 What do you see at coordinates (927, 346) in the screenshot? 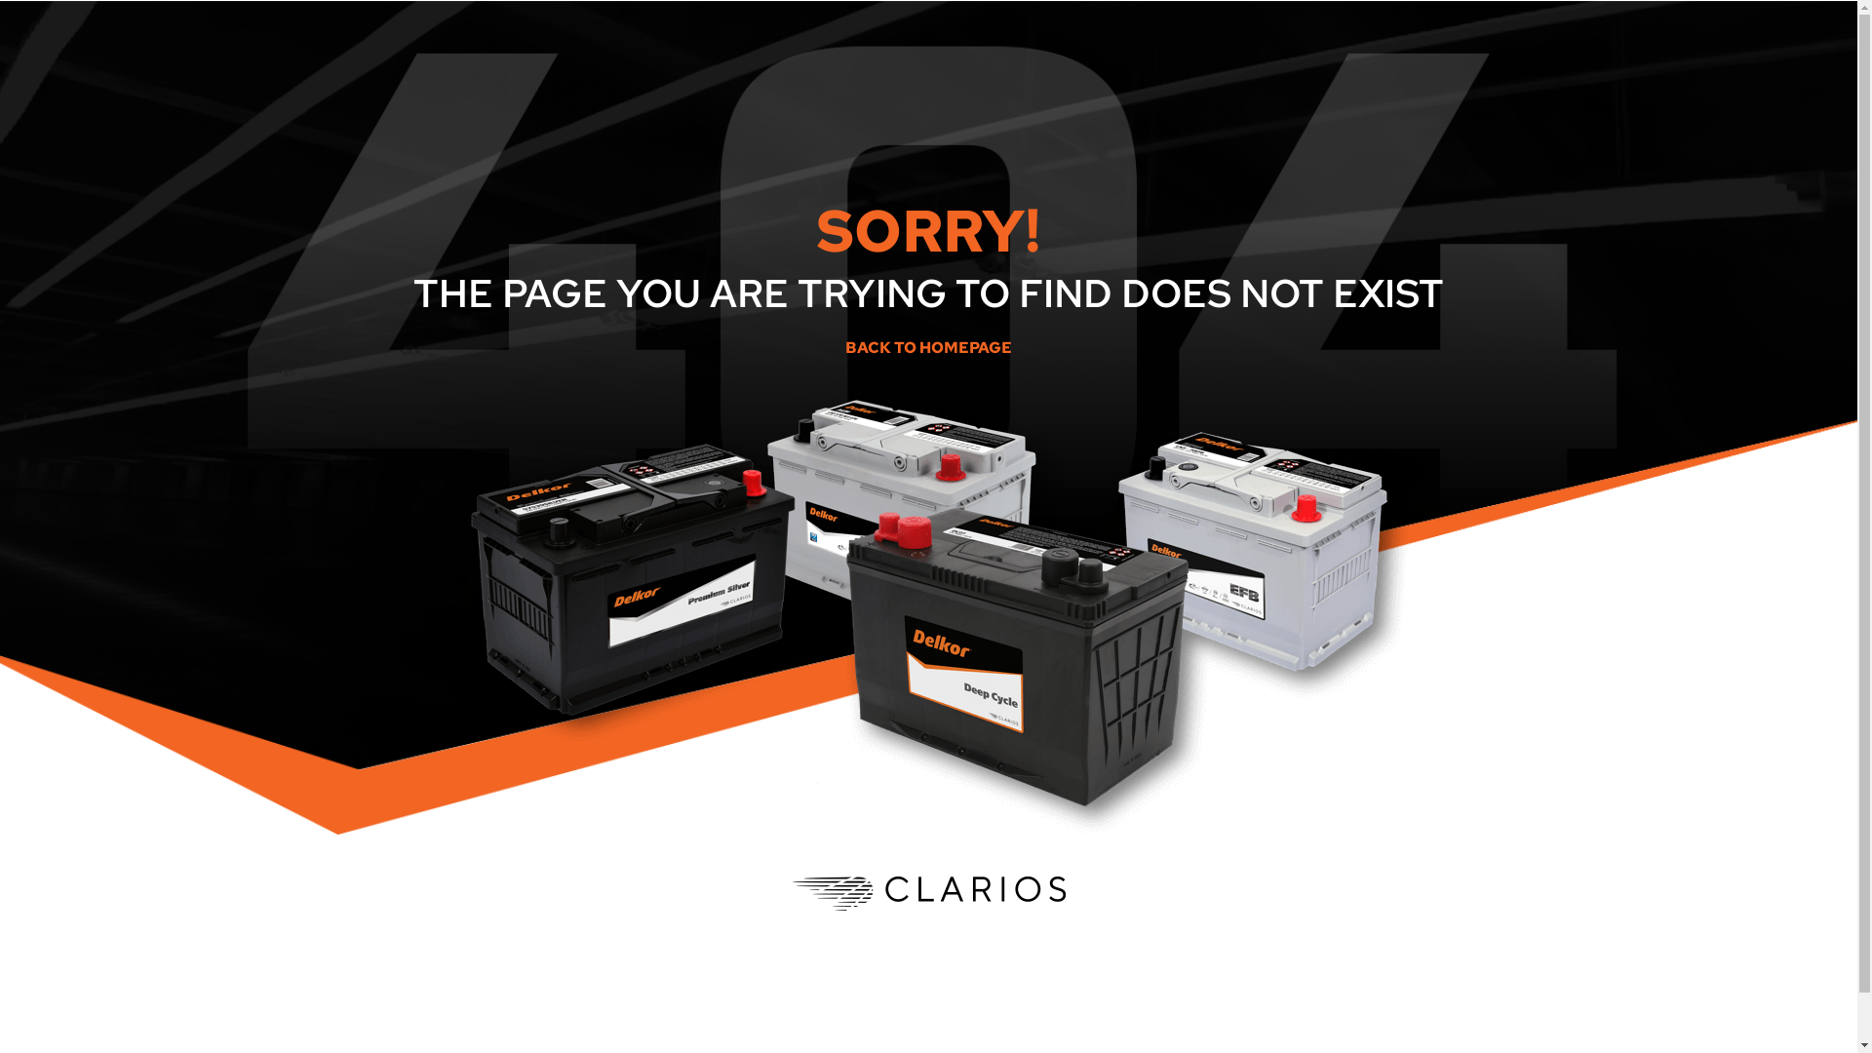
I see `'BACK TO HOMEPAGE'` at bounding box center [927, 346].